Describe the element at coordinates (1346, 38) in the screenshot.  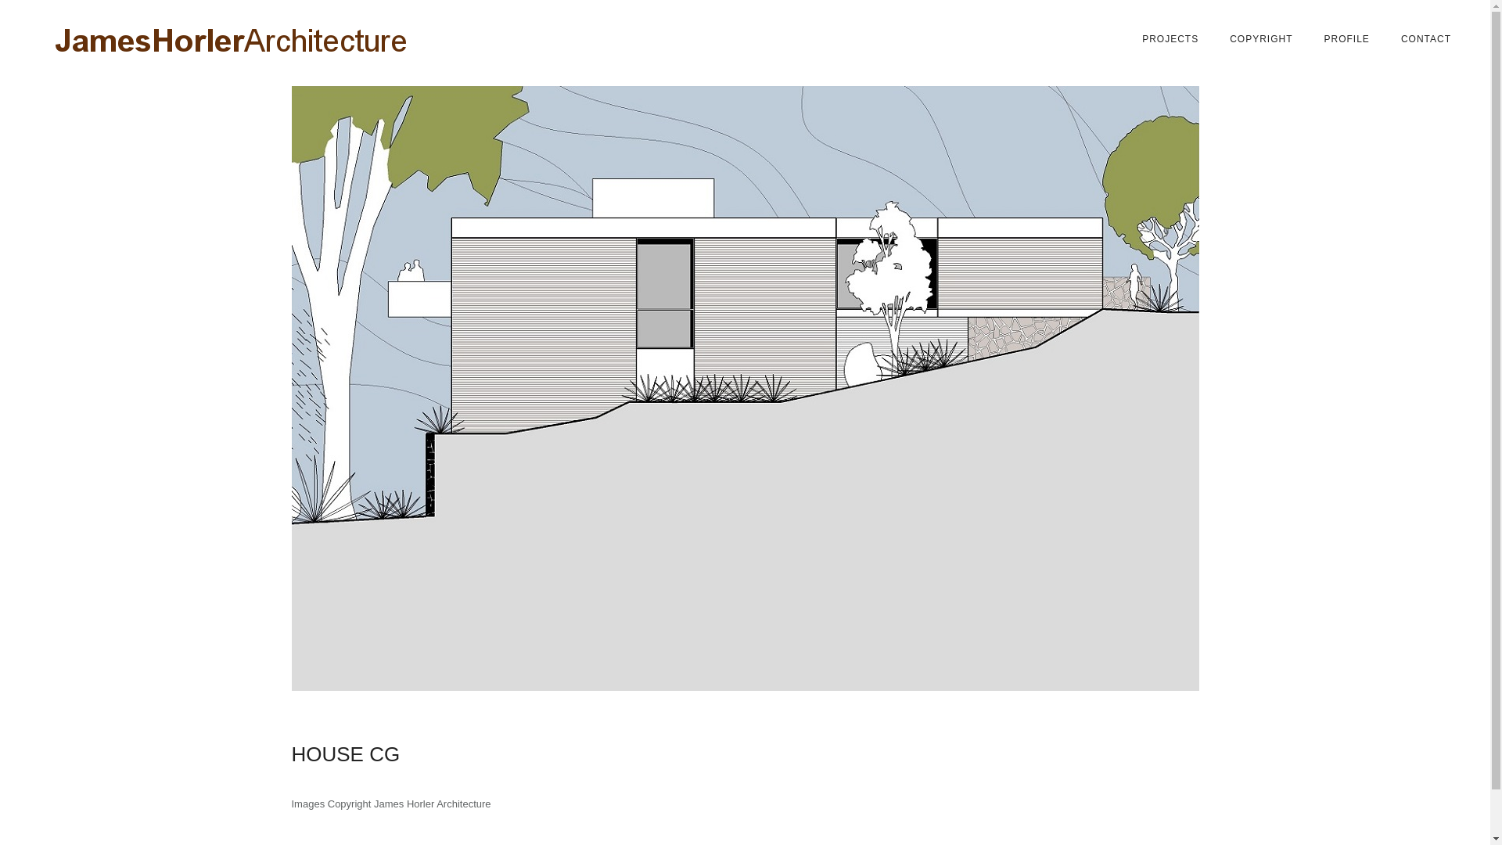
I see `'PROFILE'` at that location.